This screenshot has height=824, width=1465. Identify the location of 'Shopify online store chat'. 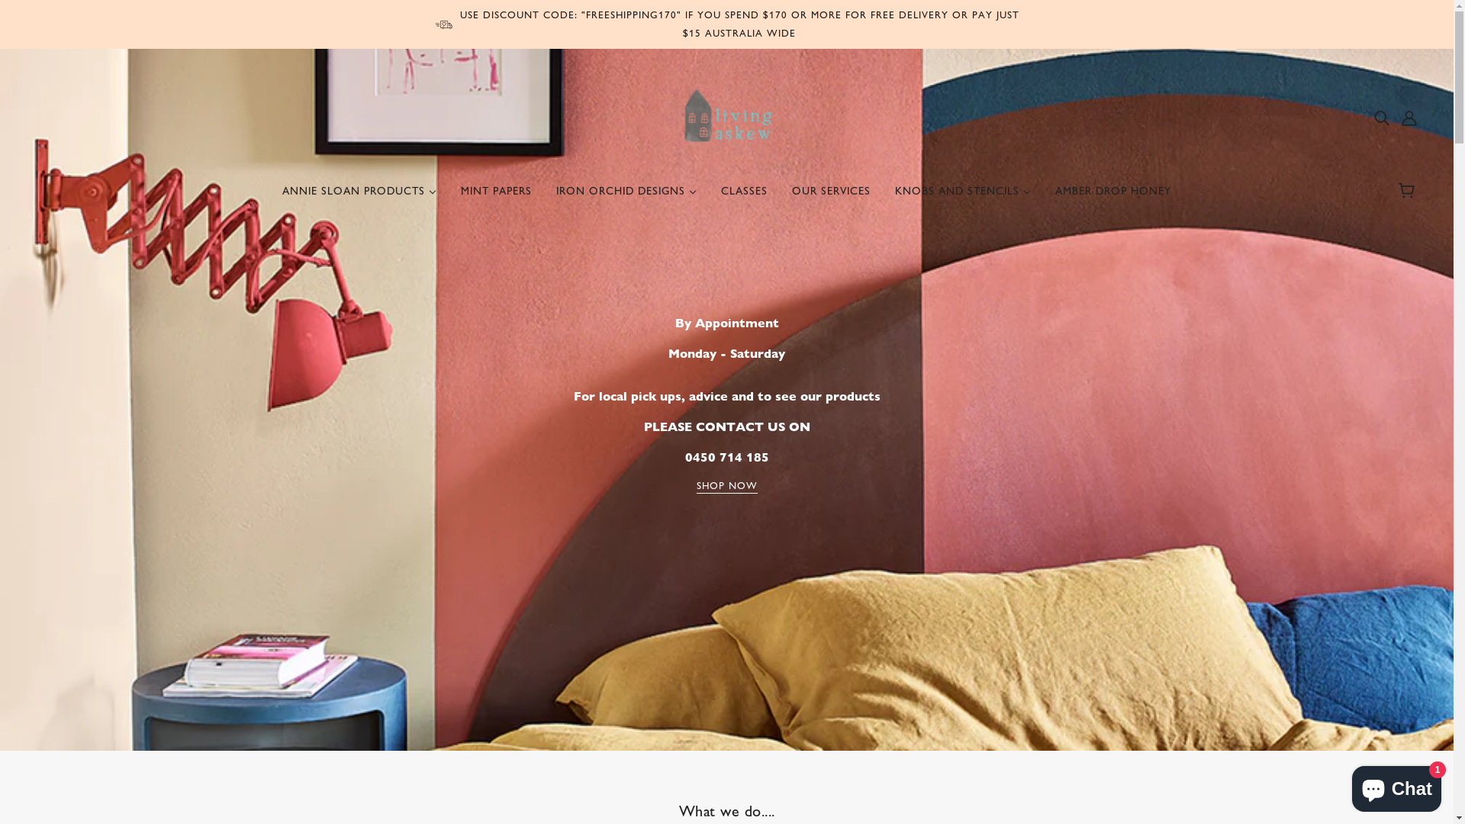
(1347, 785).